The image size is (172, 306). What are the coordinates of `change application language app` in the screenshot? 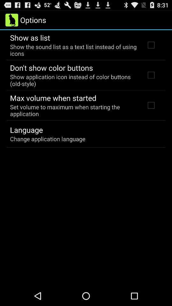 It's located at (47, 139).